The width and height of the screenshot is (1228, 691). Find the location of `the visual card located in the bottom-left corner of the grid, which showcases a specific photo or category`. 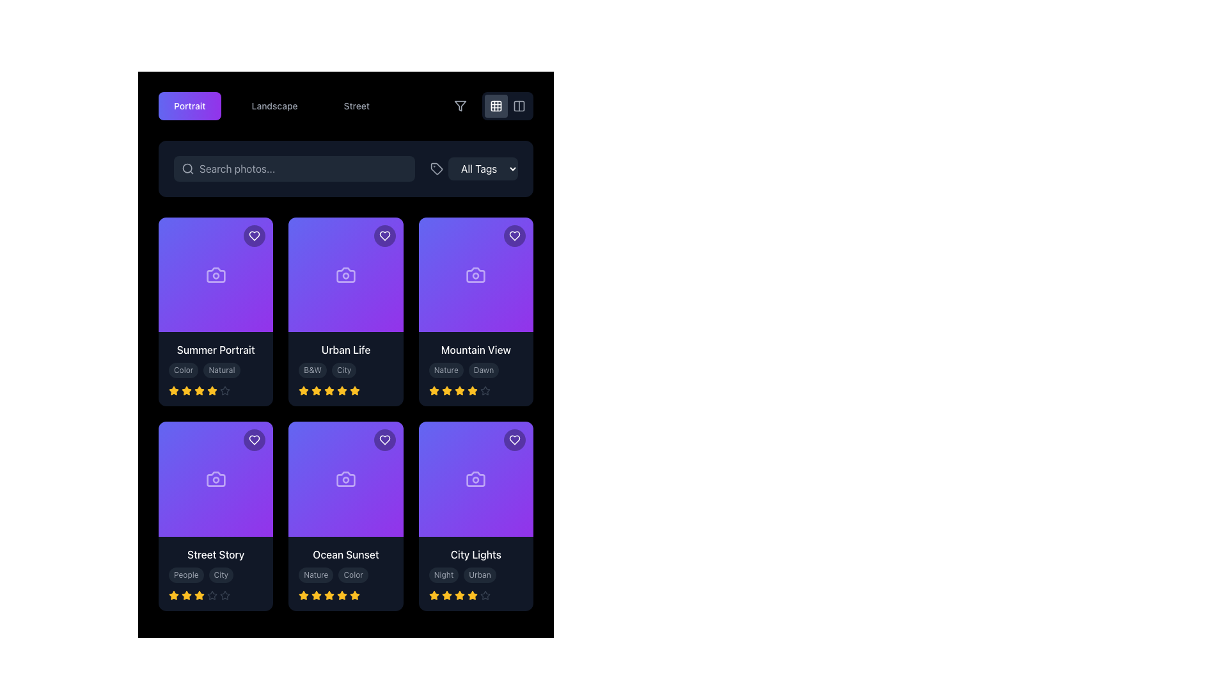

the visual card located in the bottom-left corner of the grid, which showcases a specific photo or category is located at coordinates (216, 479).